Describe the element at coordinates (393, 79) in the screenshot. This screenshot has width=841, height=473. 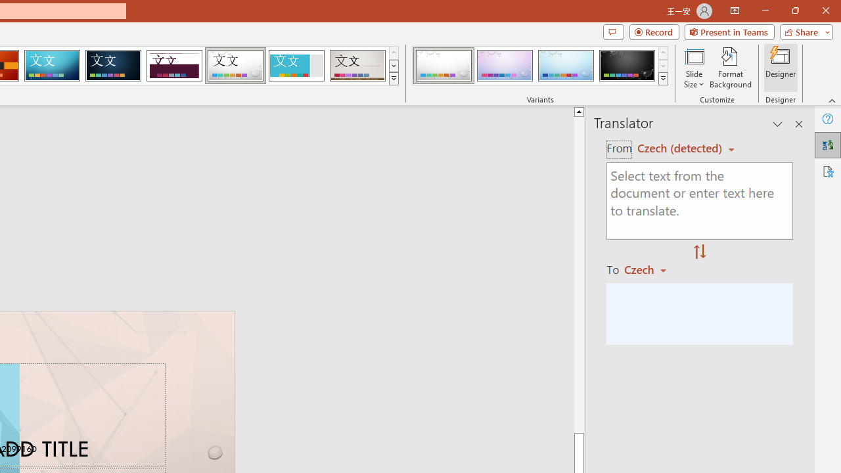
I see `'Themes'` at that location.